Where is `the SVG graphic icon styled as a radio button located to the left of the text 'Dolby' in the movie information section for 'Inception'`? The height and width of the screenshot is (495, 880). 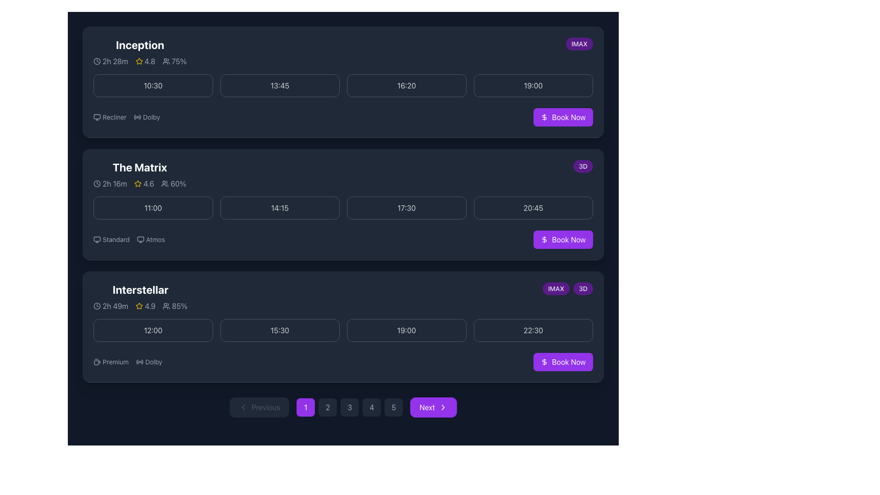
the SVG graphic icon styled as a radio button located to the left of the text 'Dolby' in the movie information section for 'Inception' is located at coordinates (137, 116).